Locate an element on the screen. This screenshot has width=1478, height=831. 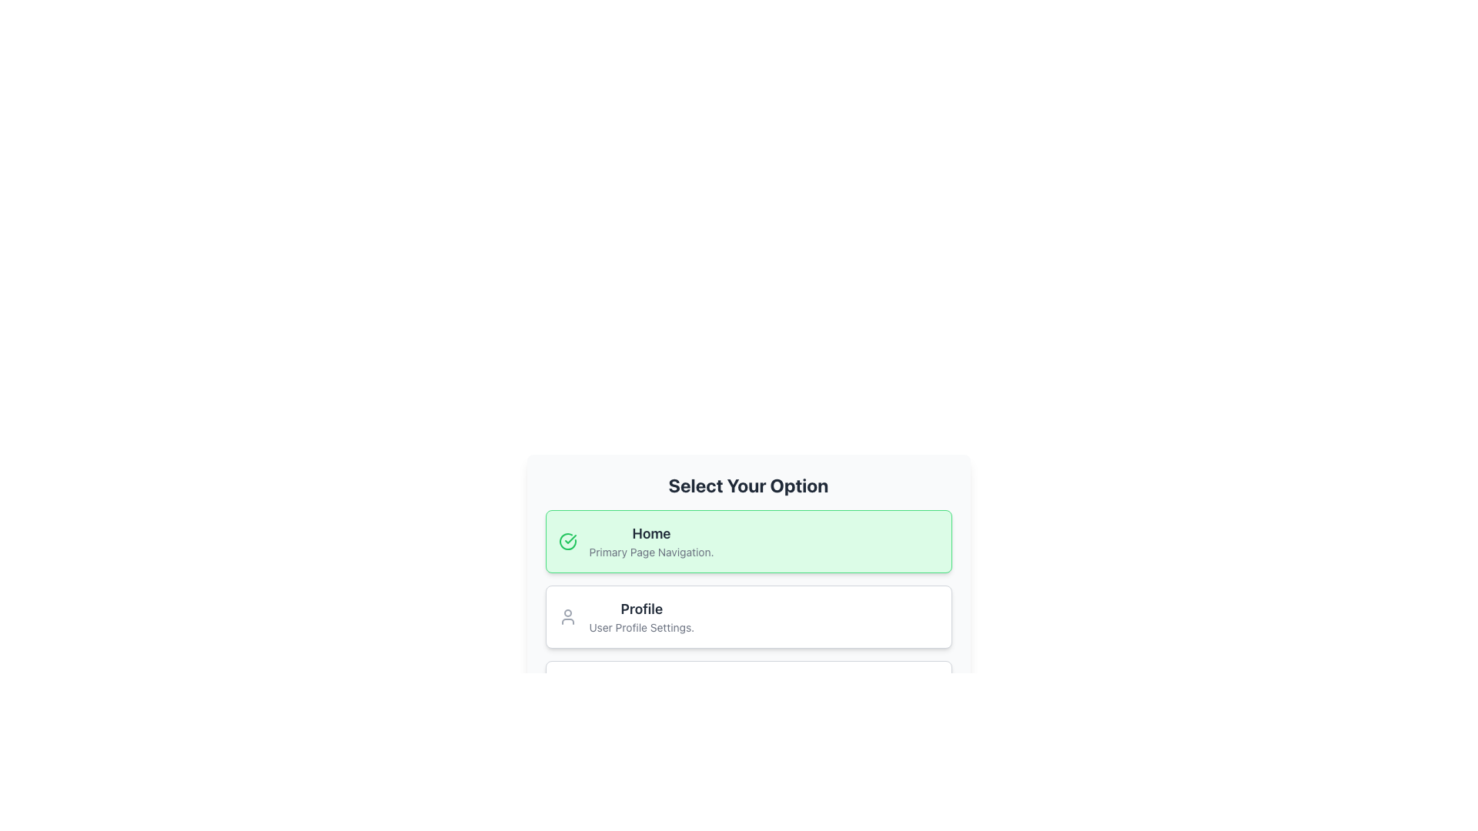
the 'Home' text label, which is bold and large, displayed in dark gray on a light green background within the 'Select Your Option' section of the UI is located at coordinates (651, 533).